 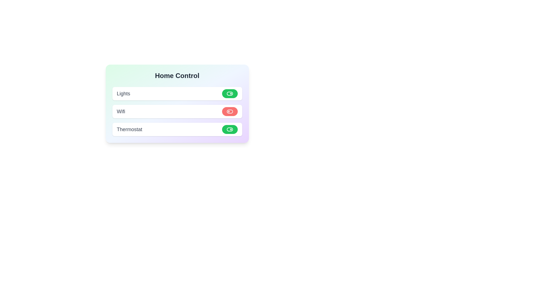 I want to click on the toggle button located at the right end of the 'Wifi' row, so click(x=230, y=111).